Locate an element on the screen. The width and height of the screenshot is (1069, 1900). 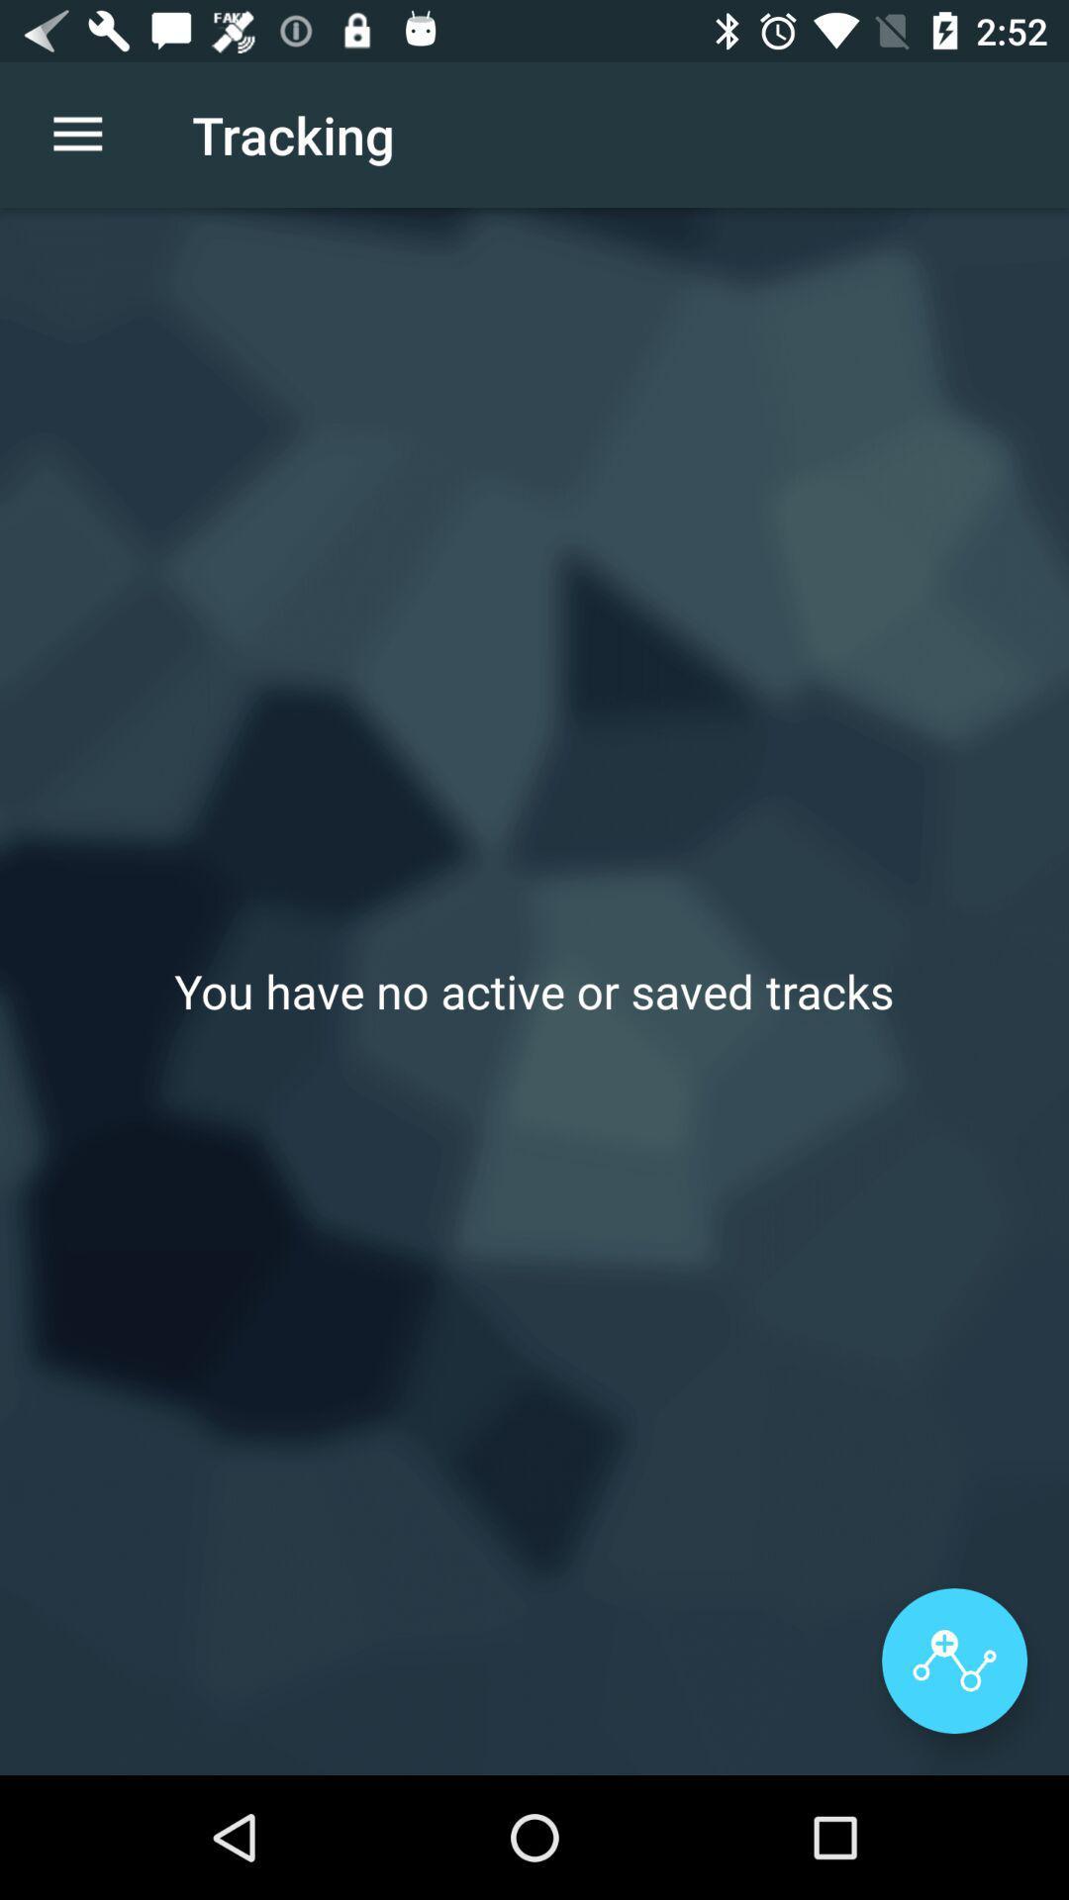
icon at the bottom right corner is located at coordinates (953, 1661).